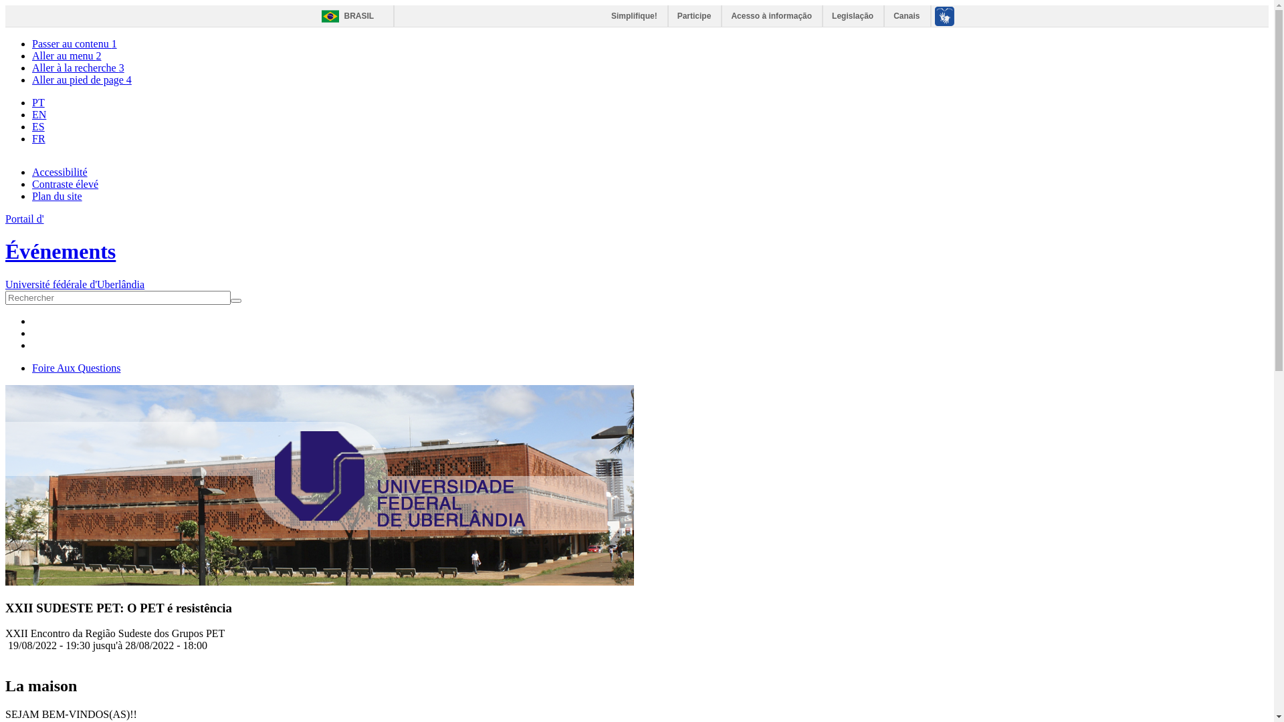 This screenshot has height=722, width=1284. Describe the element at coordinates (76, 368) in the screenshot. I see `'Foire Aux Questions'` at that location.